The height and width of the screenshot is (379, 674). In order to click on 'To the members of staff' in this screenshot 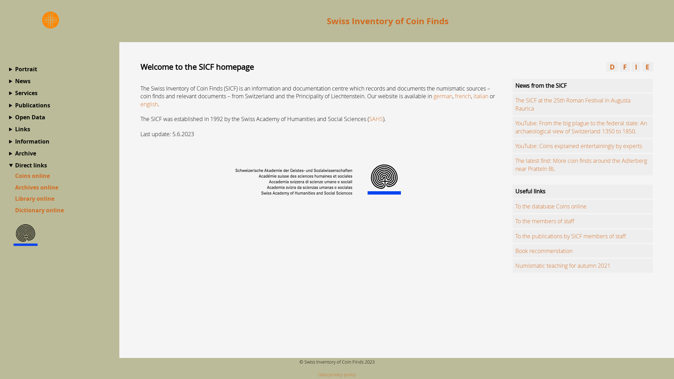, I will do `click(544, 220)`.